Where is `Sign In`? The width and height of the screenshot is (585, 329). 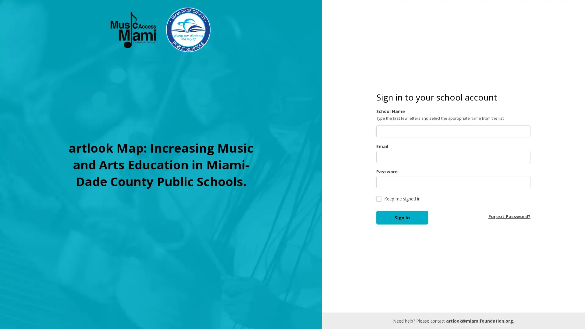 Sign In is located at coordinates (402, 217).